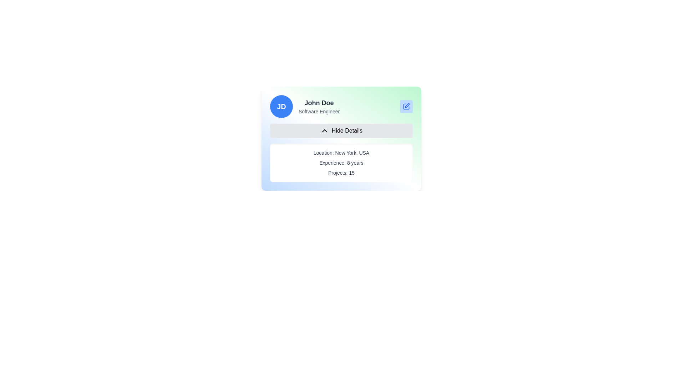  What do you see at coordinates (347, 130) in the screenshot?
I see `the 'Hide Details' text label within the button` at bounding box center [347, 130].